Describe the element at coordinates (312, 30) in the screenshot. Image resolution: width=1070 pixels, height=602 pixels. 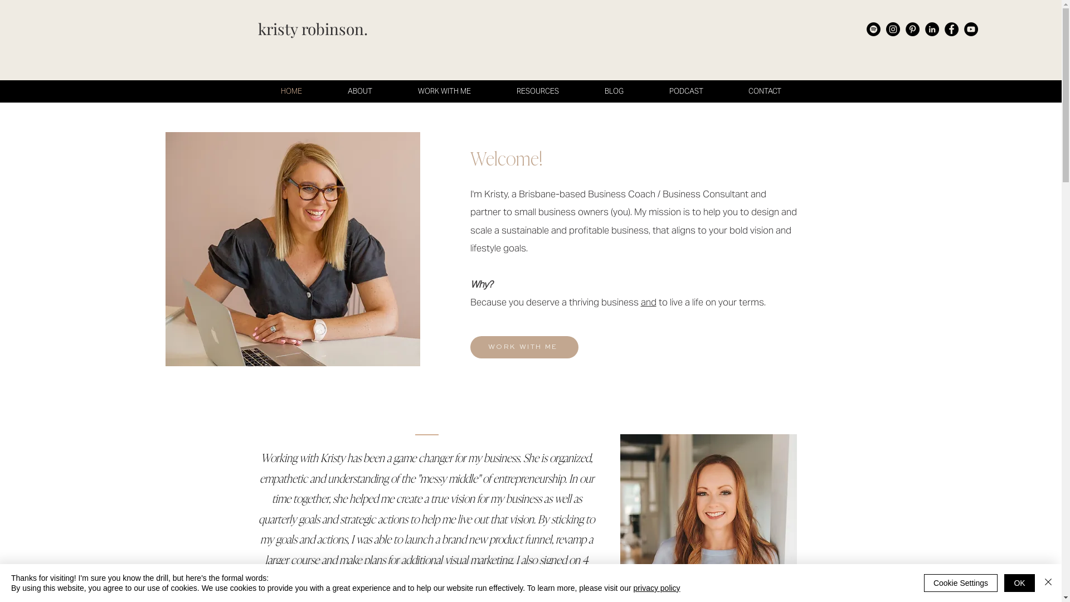
I see `'kristy robinson.'` at that location.